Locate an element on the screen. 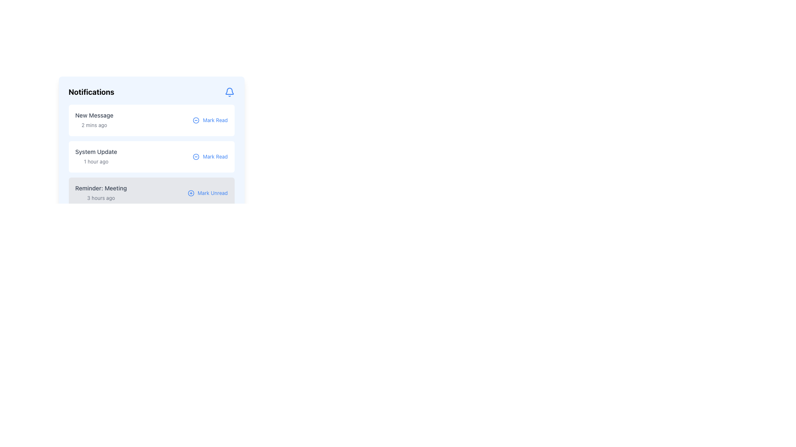 The image size is (796, 447). the 'Mark Read' button with a blue text and an icon of a circle with a minus symbol, located in the top notification card of the notification panel is located at coordinates (210, 120).